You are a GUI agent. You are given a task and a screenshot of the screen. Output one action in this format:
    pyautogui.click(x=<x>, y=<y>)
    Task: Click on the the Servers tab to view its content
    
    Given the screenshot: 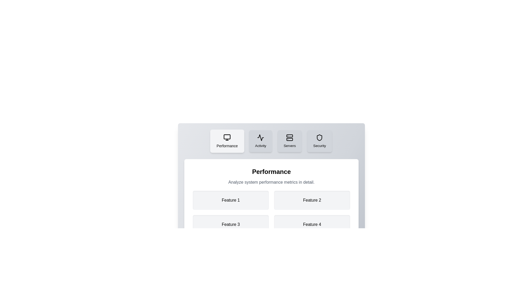 What is the action you would take?
    pyautogui.click(x=289, y=141)
    